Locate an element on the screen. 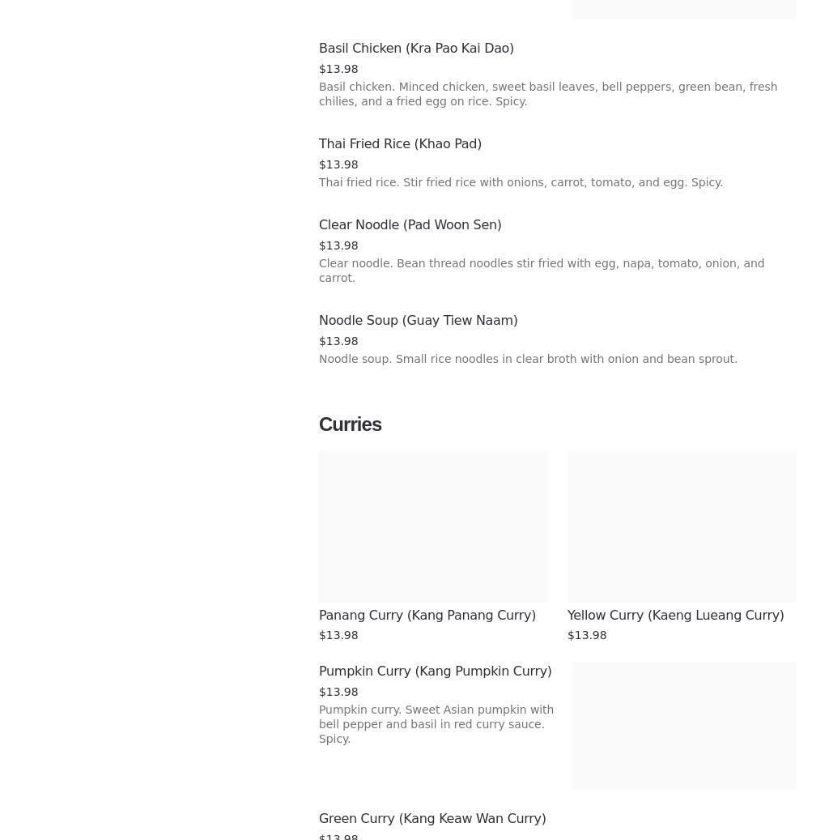 The width and height of the screenshot is (829, 840). 'Basil Chicken (Kra Pao Kai Dao)' is located at coordinates (416, 47).